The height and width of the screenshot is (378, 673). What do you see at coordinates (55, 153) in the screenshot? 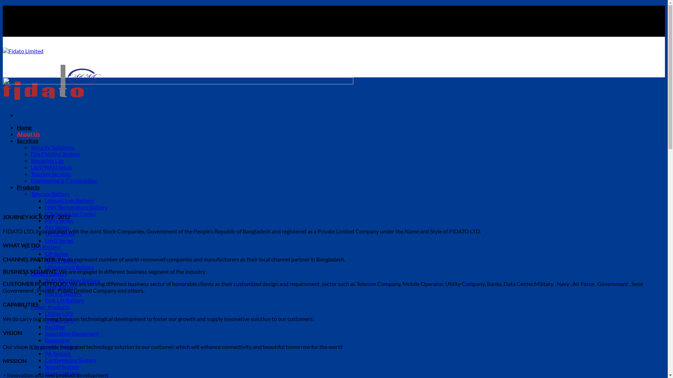
I see `'Fire Fighting System'` at bounding box center [55, 153].